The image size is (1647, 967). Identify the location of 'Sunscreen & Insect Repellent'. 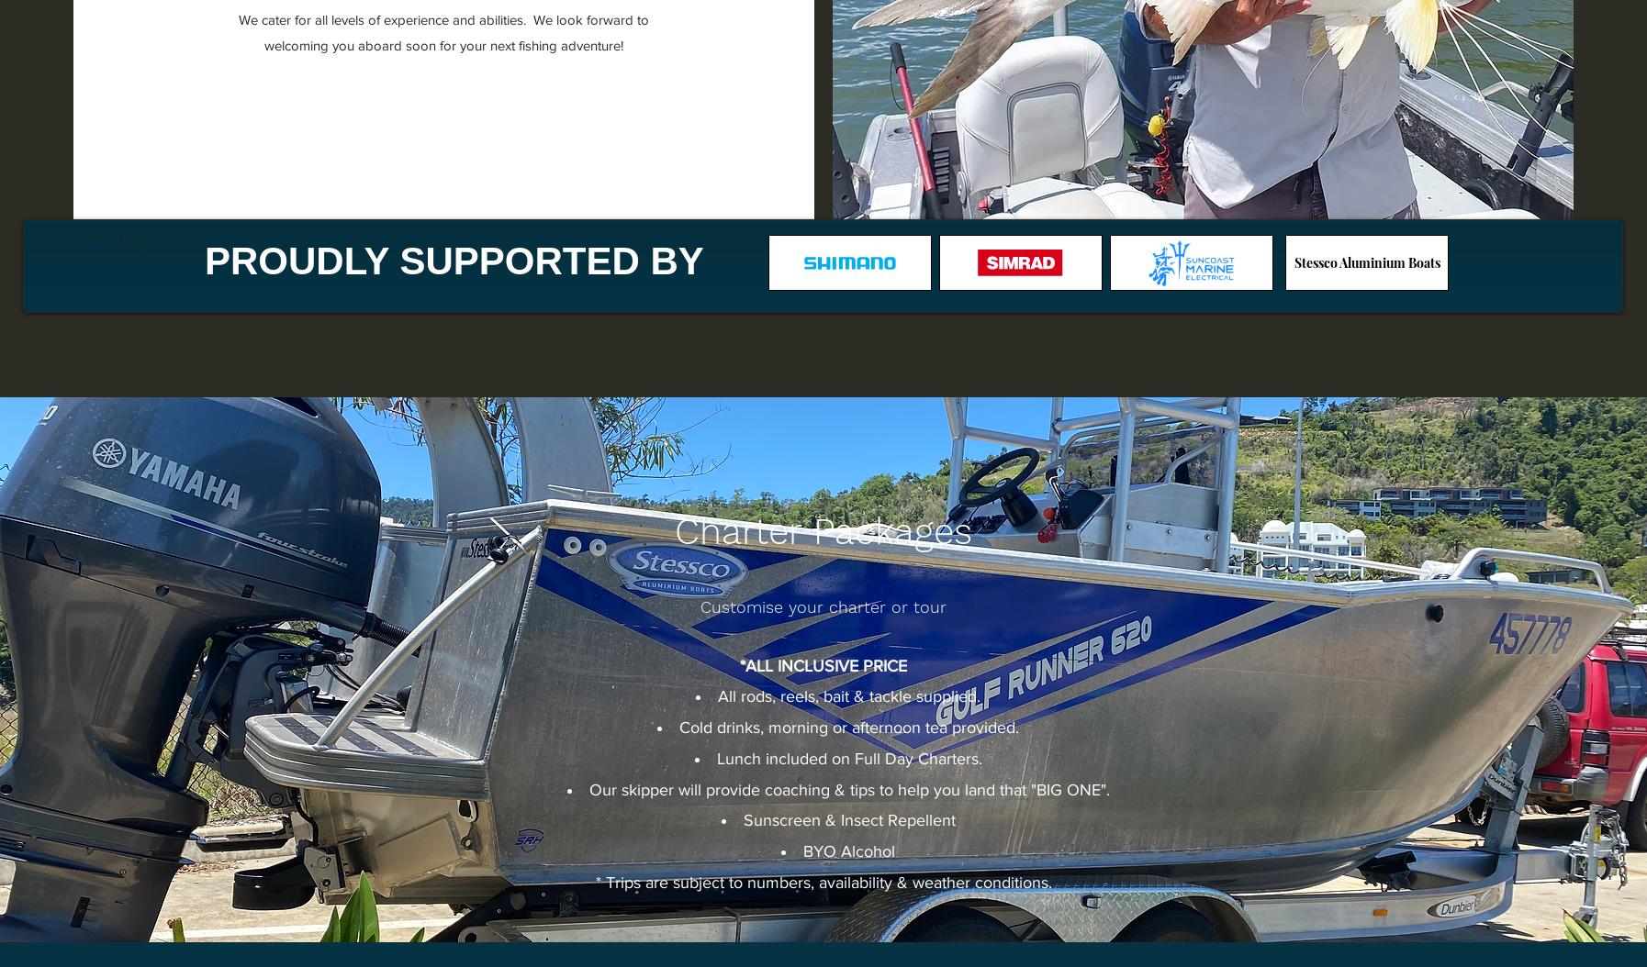
(847, 820).